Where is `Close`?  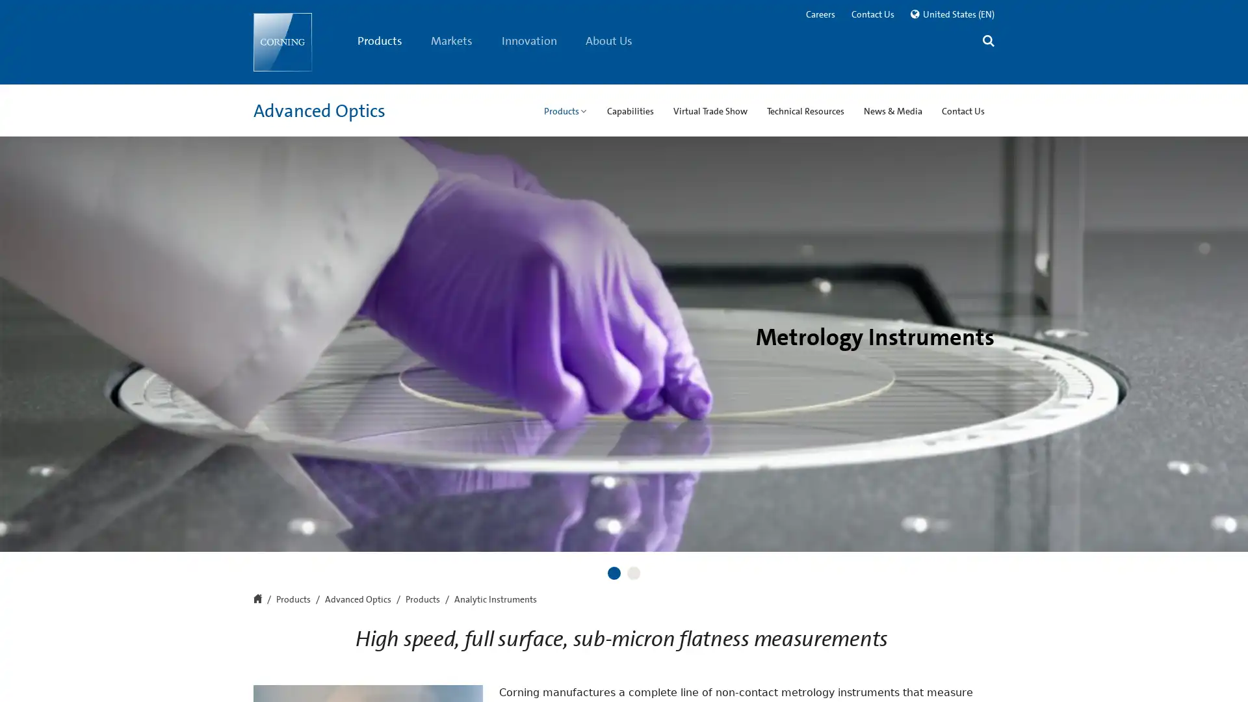 Close is located at coordinates (1226, 673).